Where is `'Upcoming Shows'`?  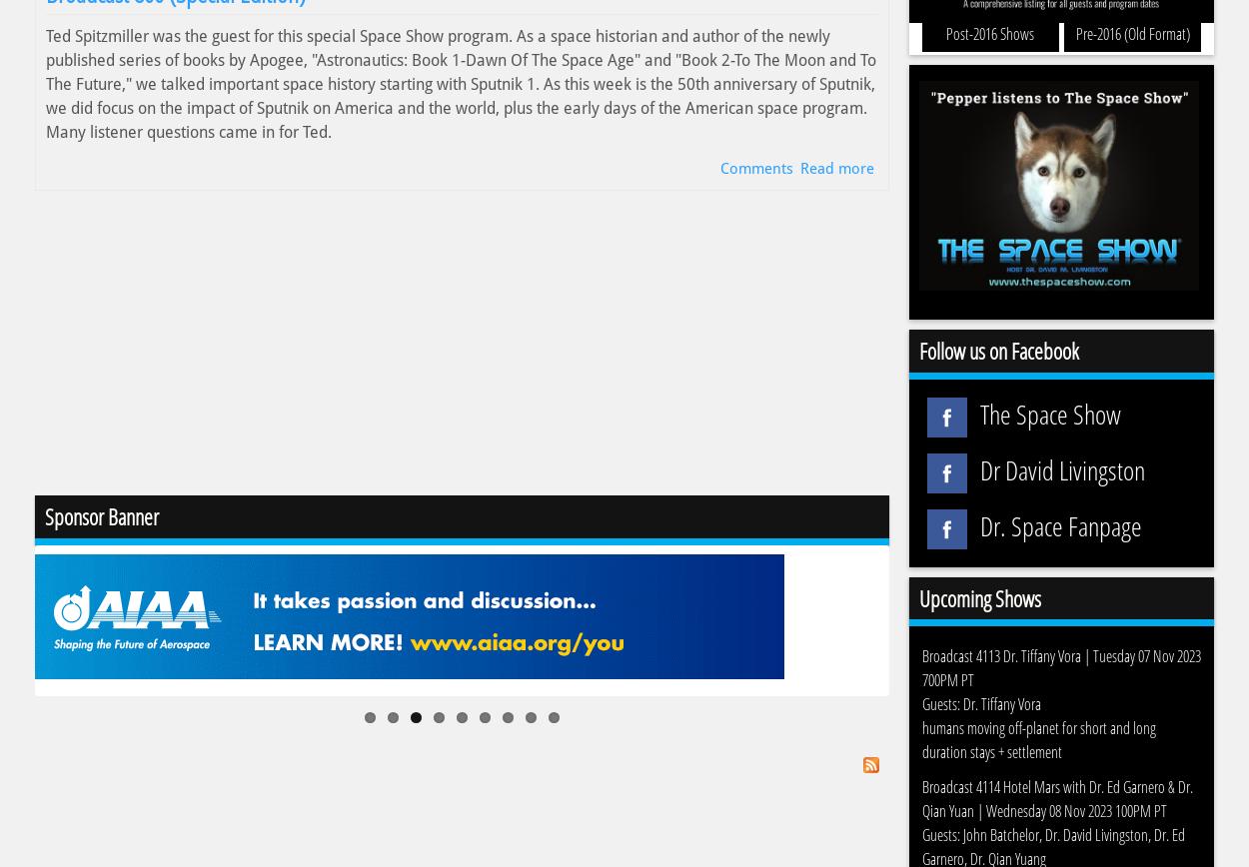
'Upcoming Shows' is located at coordinates (919, 597).